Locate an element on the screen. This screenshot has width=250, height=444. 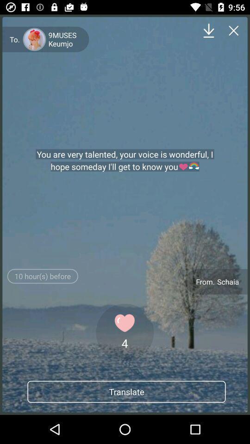
item above the you are very item is located at coordinates (209, 31).